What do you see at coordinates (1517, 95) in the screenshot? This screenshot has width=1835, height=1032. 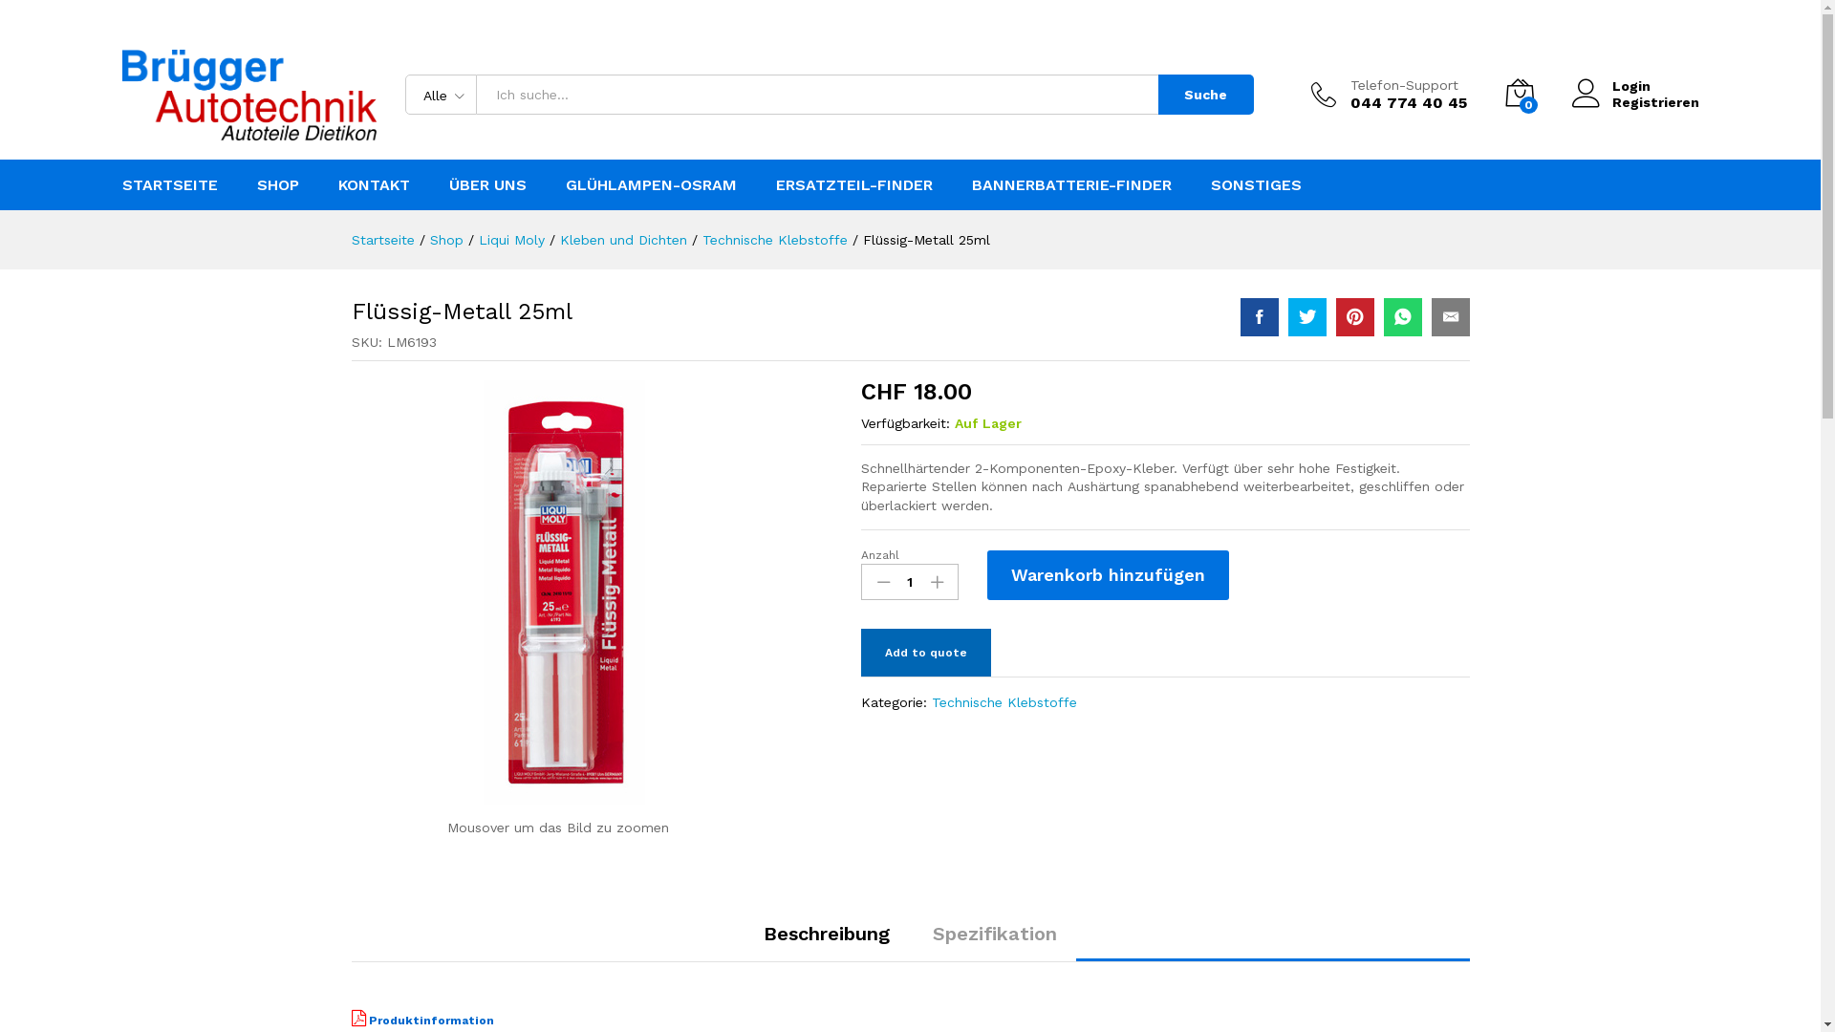 I see `'0'` at bounding box center [1517, 95].